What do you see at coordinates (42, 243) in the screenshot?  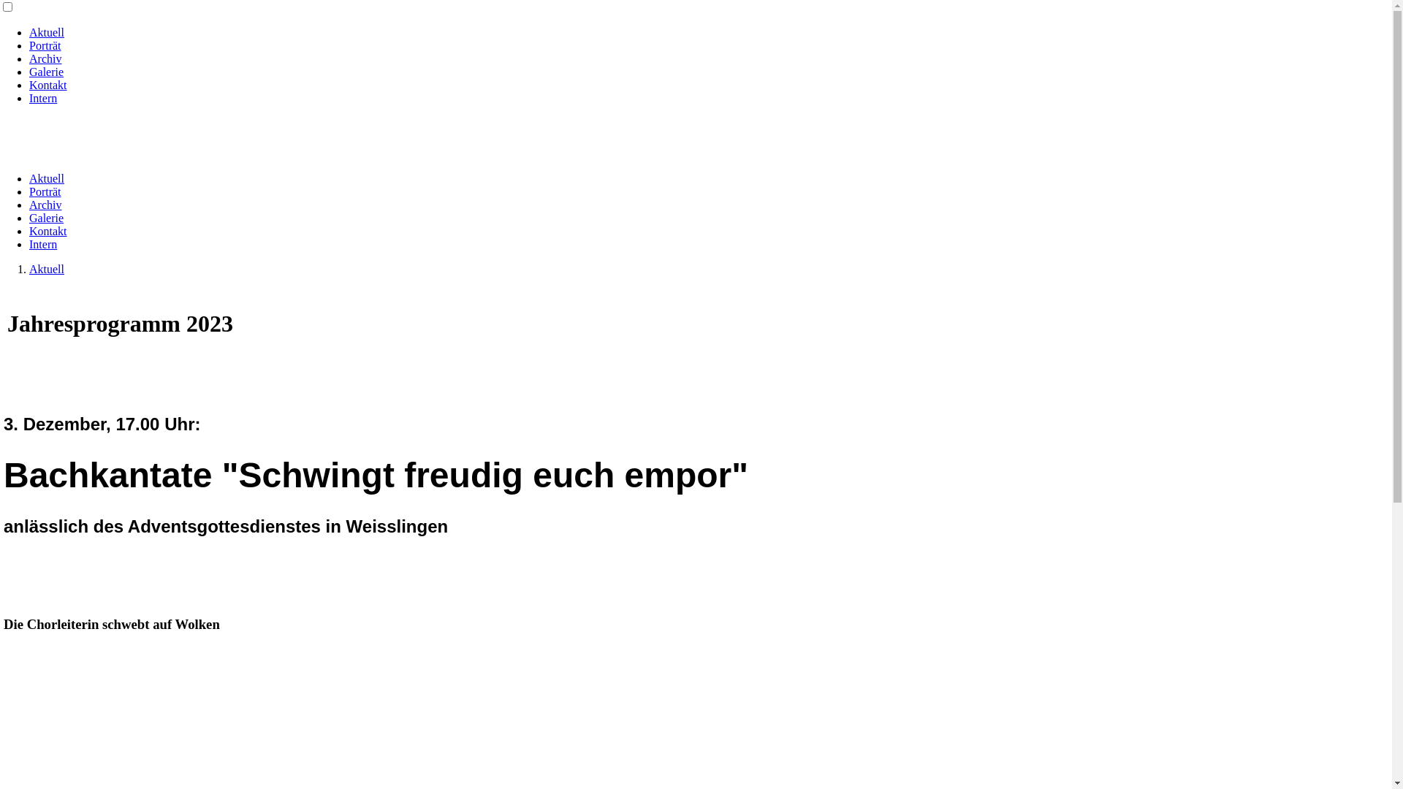 I see `'Intern'` at bounding box center [42, 243].